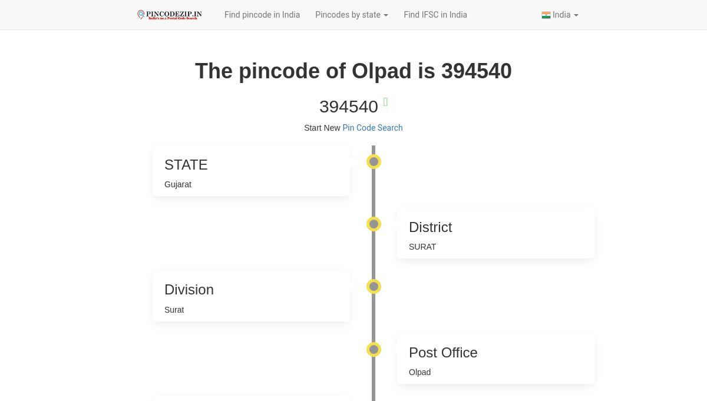  Describe the element at coordinates (164, 183) in the screenshot. I see `'Gujarat'` at that location.